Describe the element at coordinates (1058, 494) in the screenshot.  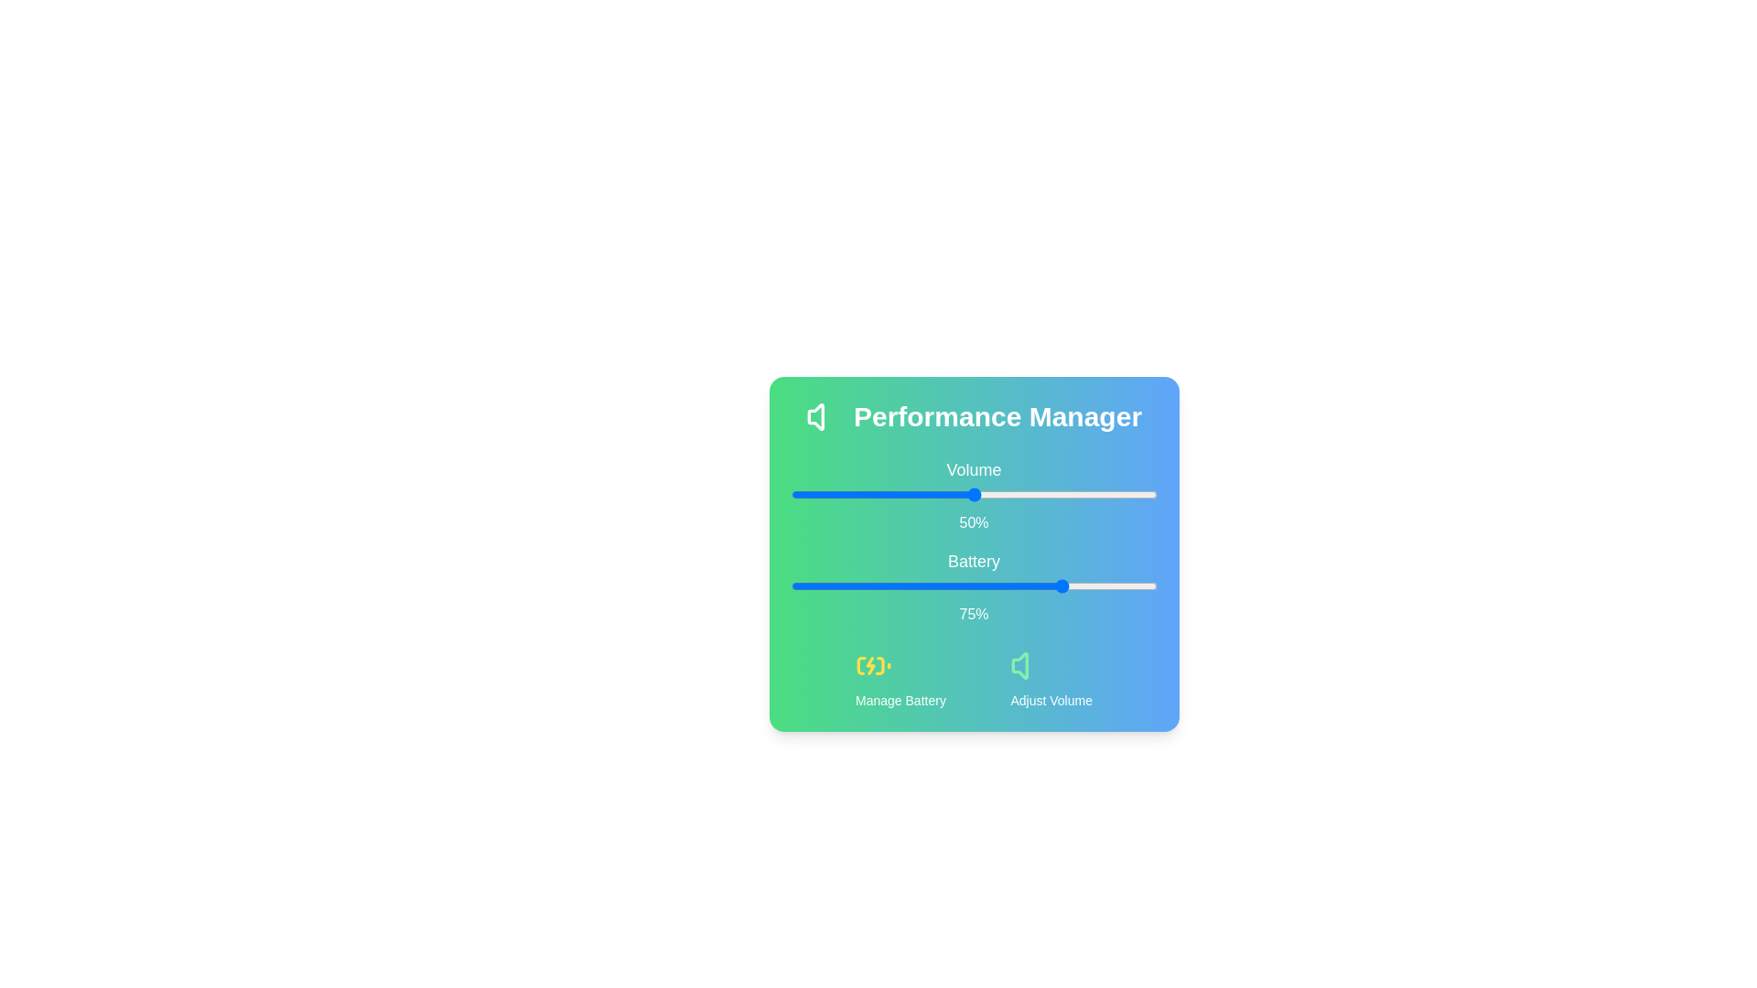
I see `the volume slider to 73%` at that location.